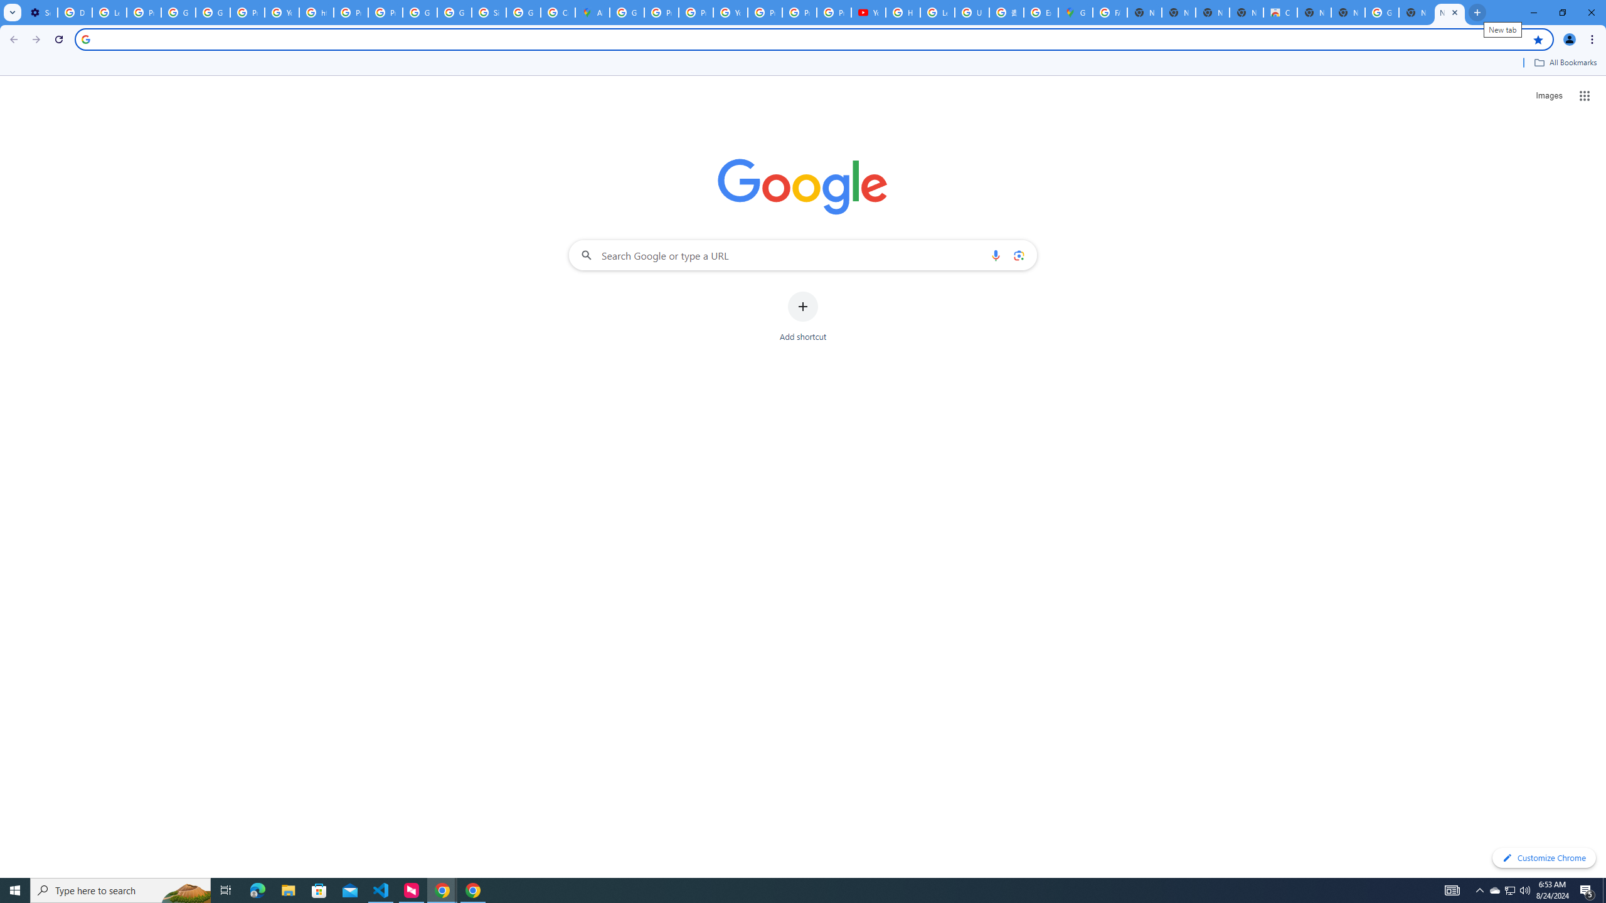 This screenshot has width=1606, height=903. Describe the element at coordinates (903, 12) in the screenshot. I see `'How Chrome protects your passwords - Google Chrome Help'` at that location.